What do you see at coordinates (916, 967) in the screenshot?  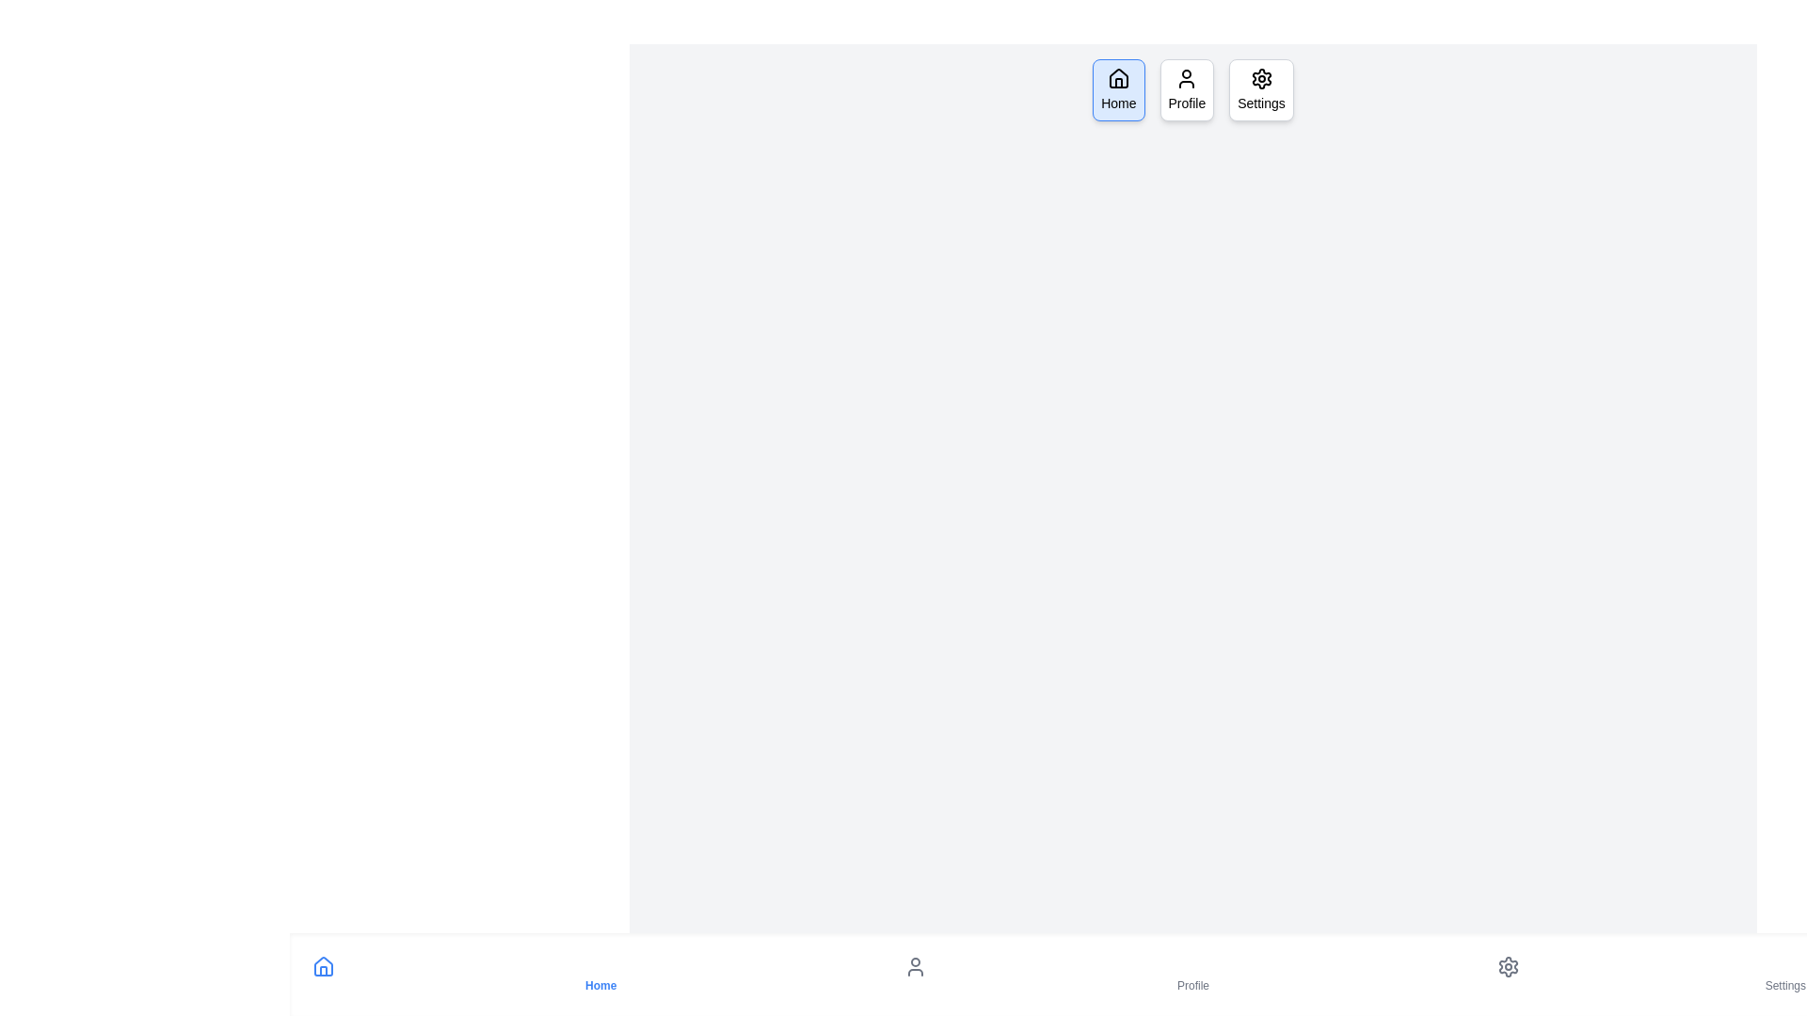 I see `the 'Profile' icon in the bottom navigation bar` at bounding box center [916, 967].